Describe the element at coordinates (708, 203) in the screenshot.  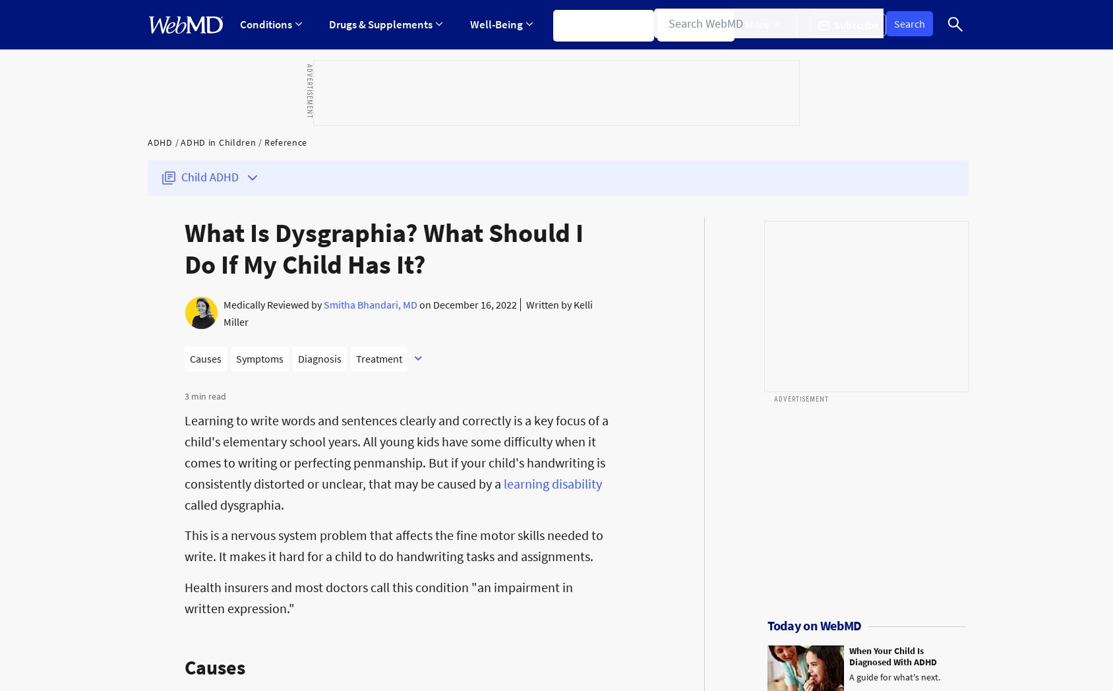
I see `'Sleep Disorders'` at that location.